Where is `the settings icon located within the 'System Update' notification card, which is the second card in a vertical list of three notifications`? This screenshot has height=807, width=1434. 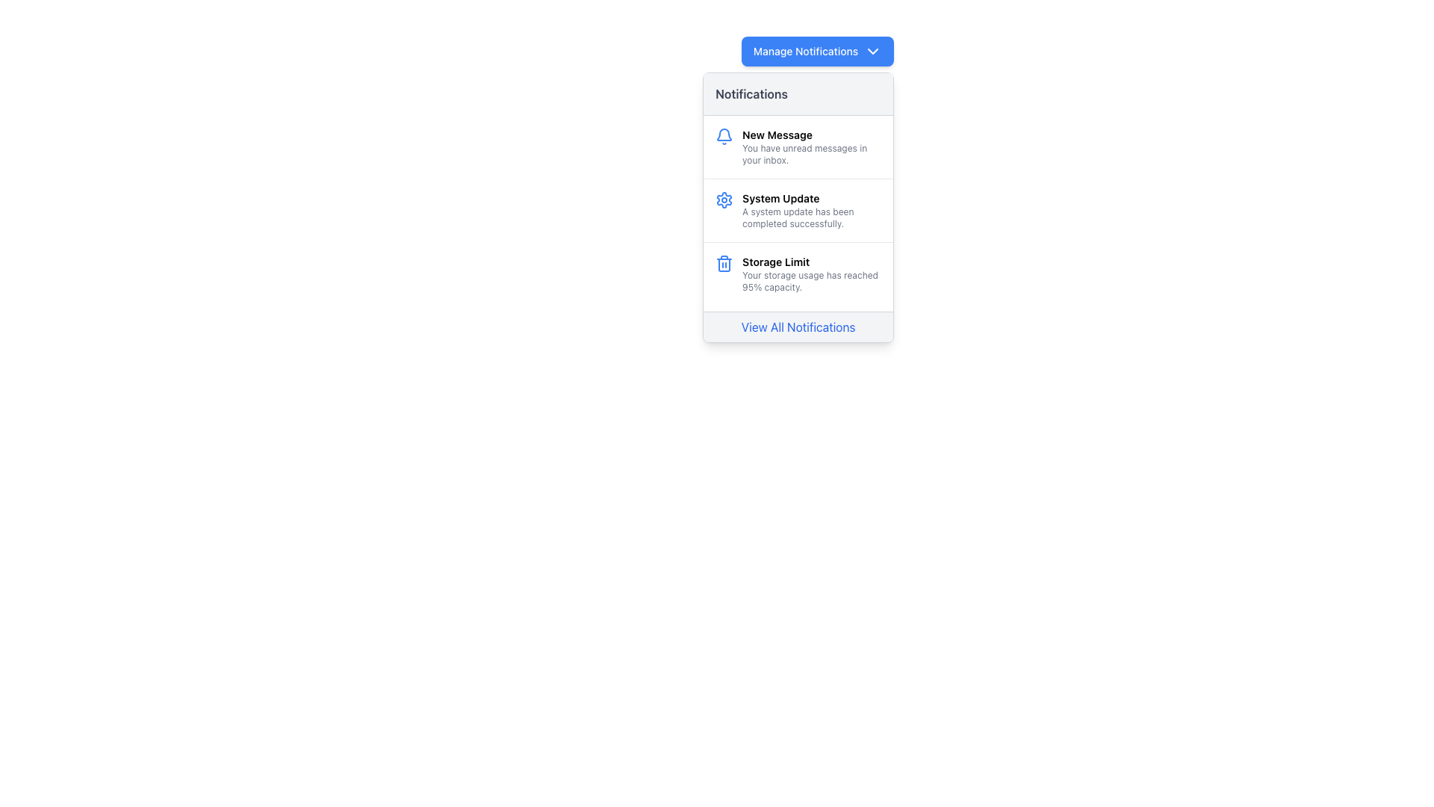 the settings icon located within the 'System Update' notification card, which is the second card in a vertical list of three notifications is located at coordinates (724, 210).